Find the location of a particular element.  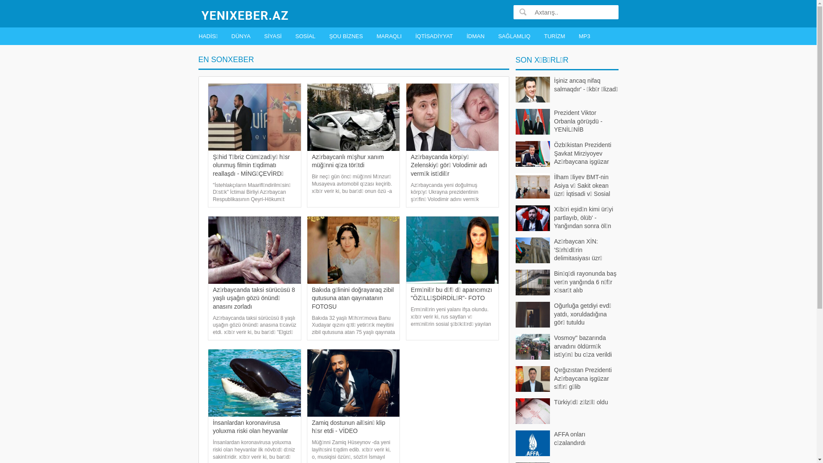

'SOSIAL' is located at coordinates (292, 36).